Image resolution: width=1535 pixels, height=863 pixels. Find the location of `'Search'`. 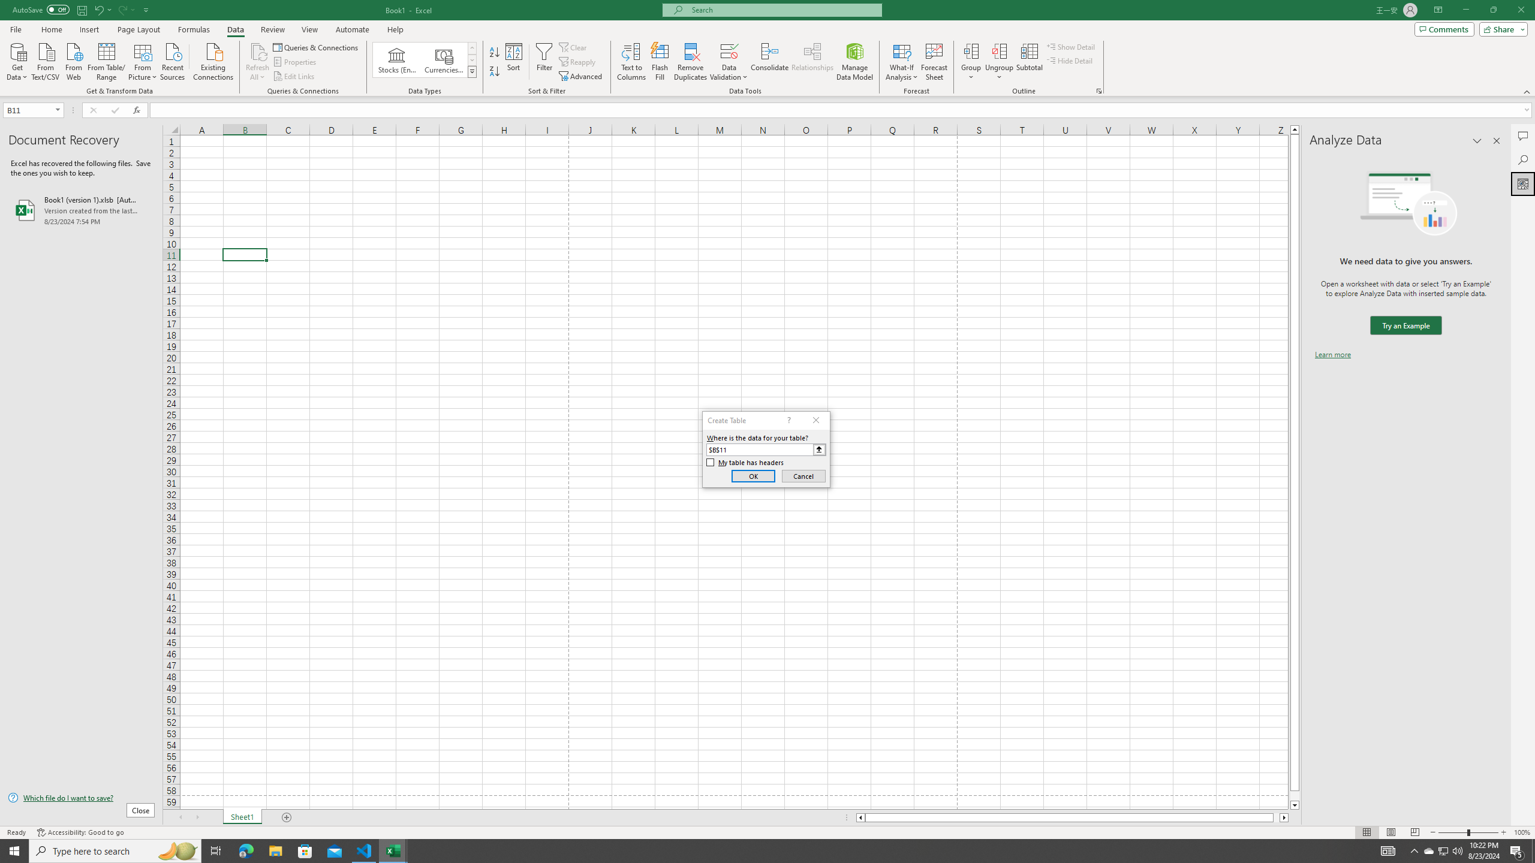

'Search' is located at coordinates (1522, 160).